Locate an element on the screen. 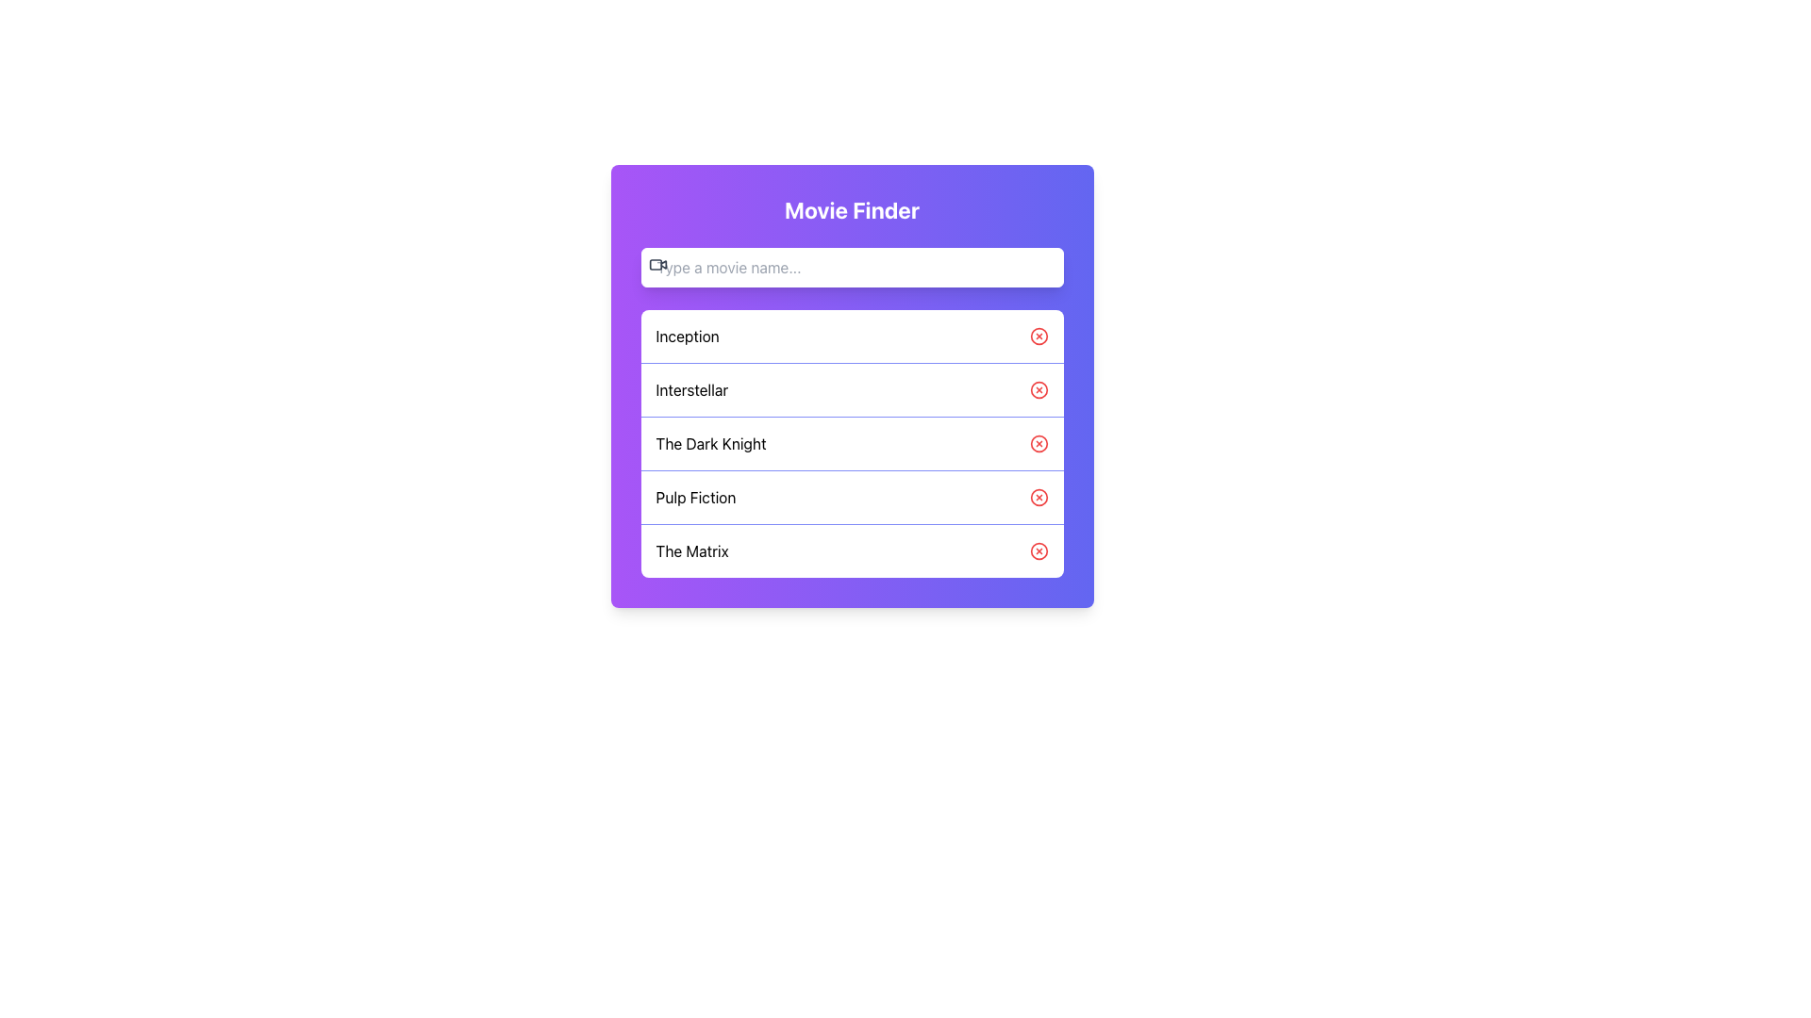 The width and height of the screenshot is (1811, 1018). the delete button for the movie 'Inception' is located at coordinates (1038, 336).